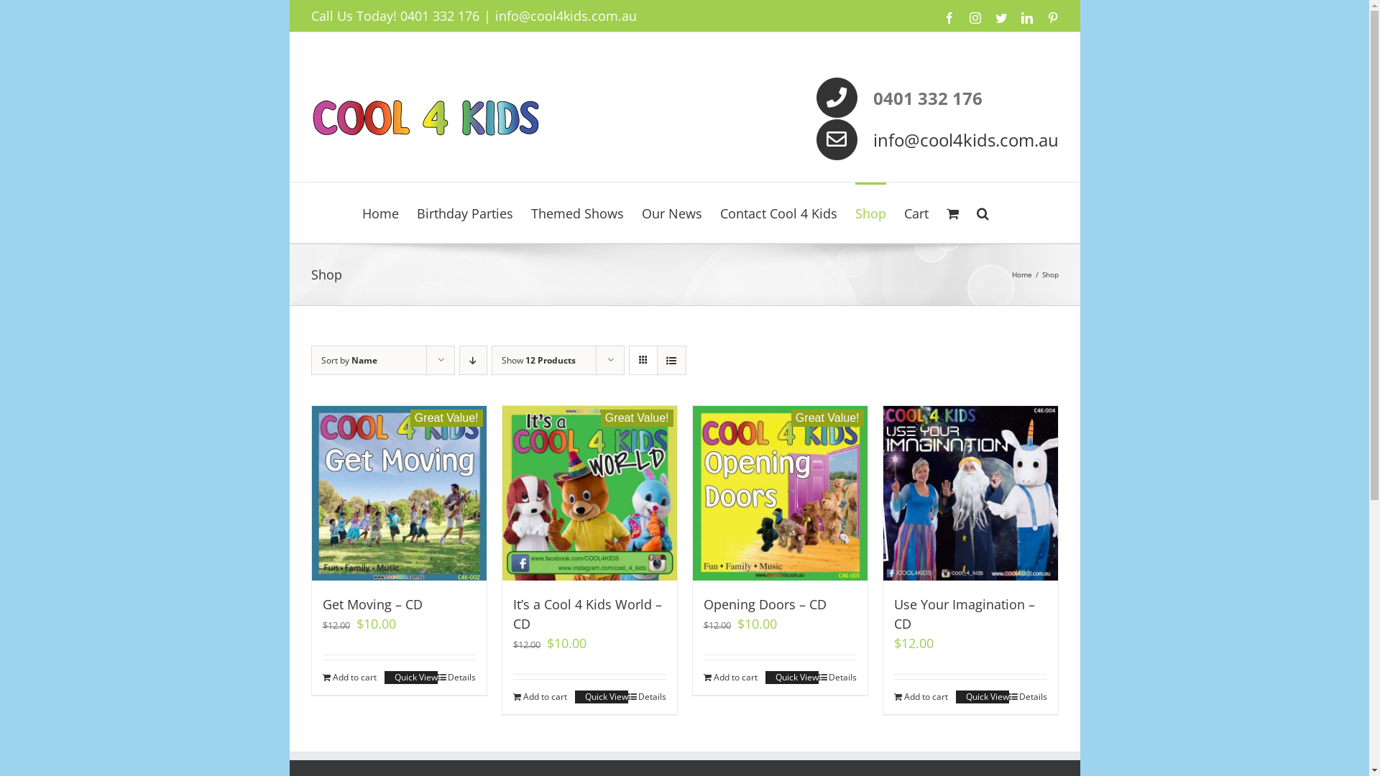 The height and width of the screenshot is (776, 1380). Describe the element at coordinates (779, 492) in the screenshot. I see `'Great Value!'` at that location.